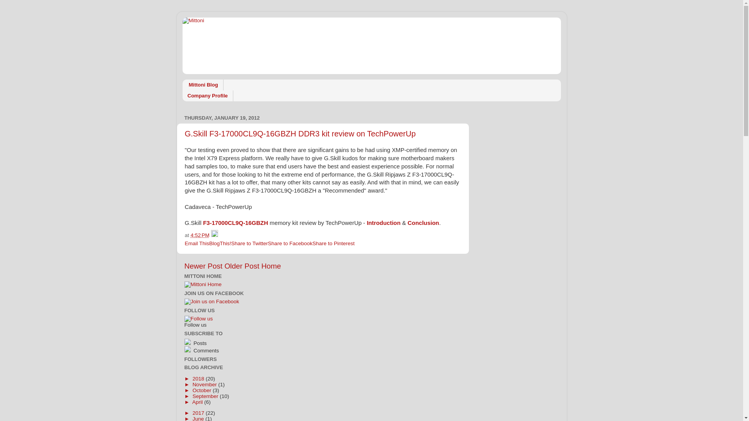 Image resolution: width=749 pixels, height=421 pixels. I want to click on 'Share to Twitter', so click(249, 243).